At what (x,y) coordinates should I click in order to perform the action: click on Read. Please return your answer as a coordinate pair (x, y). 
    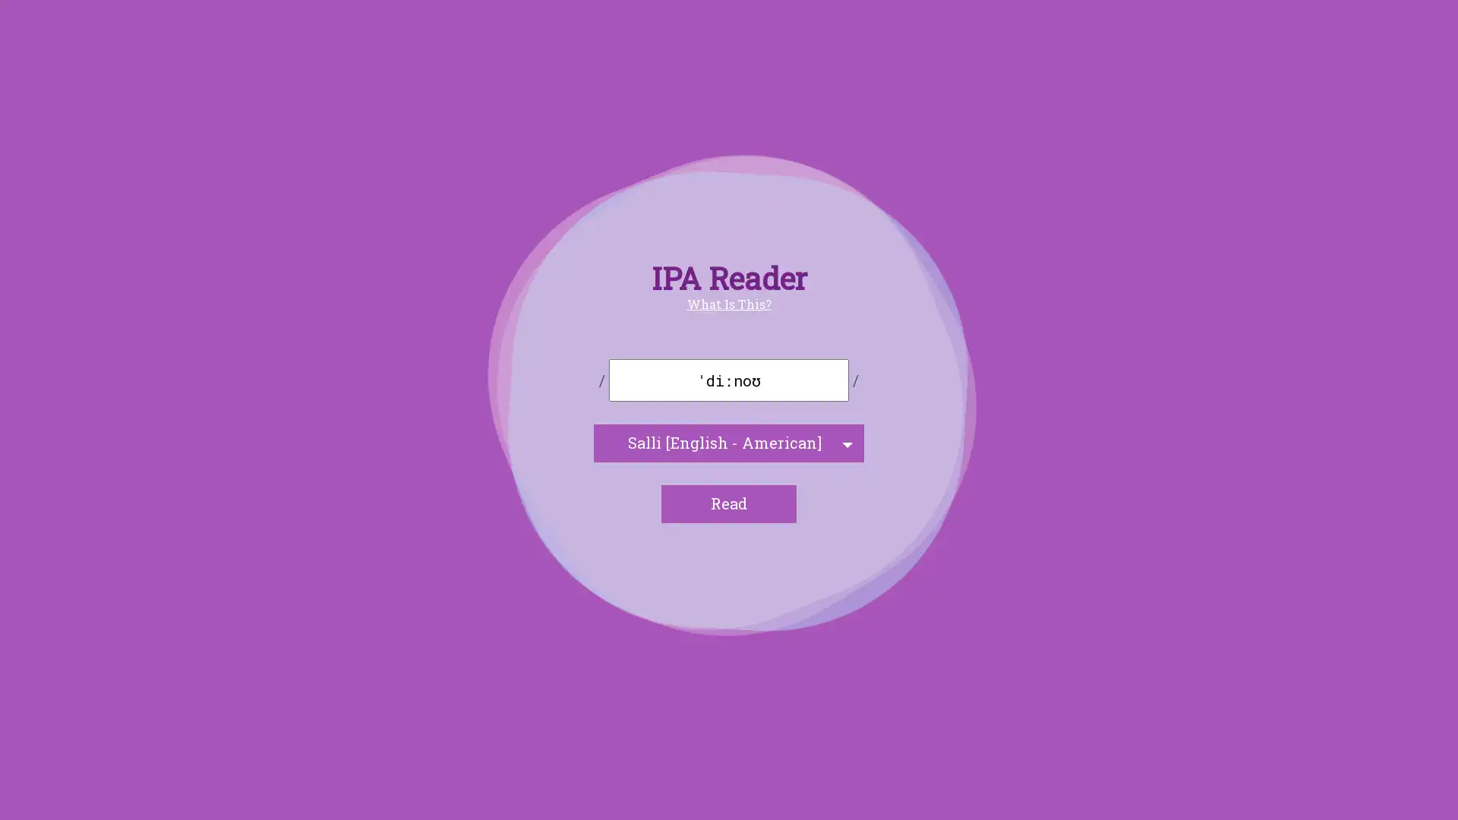
    Looking at the image, I should click on (729, 503).